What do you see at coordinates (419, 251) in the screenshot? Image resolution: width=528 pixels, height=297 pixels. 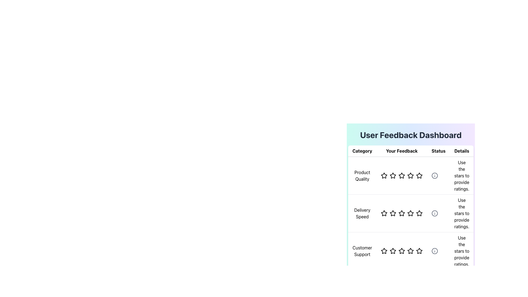 I see `the fifth star icon in the rating system under the 'Customer Support' category to set a rating` at bounding box center [419, 251].